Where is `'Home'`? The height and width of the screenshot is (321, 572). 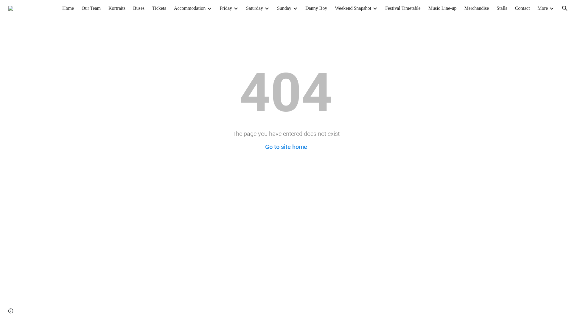 'Home' is located at coordinates (68, 8).